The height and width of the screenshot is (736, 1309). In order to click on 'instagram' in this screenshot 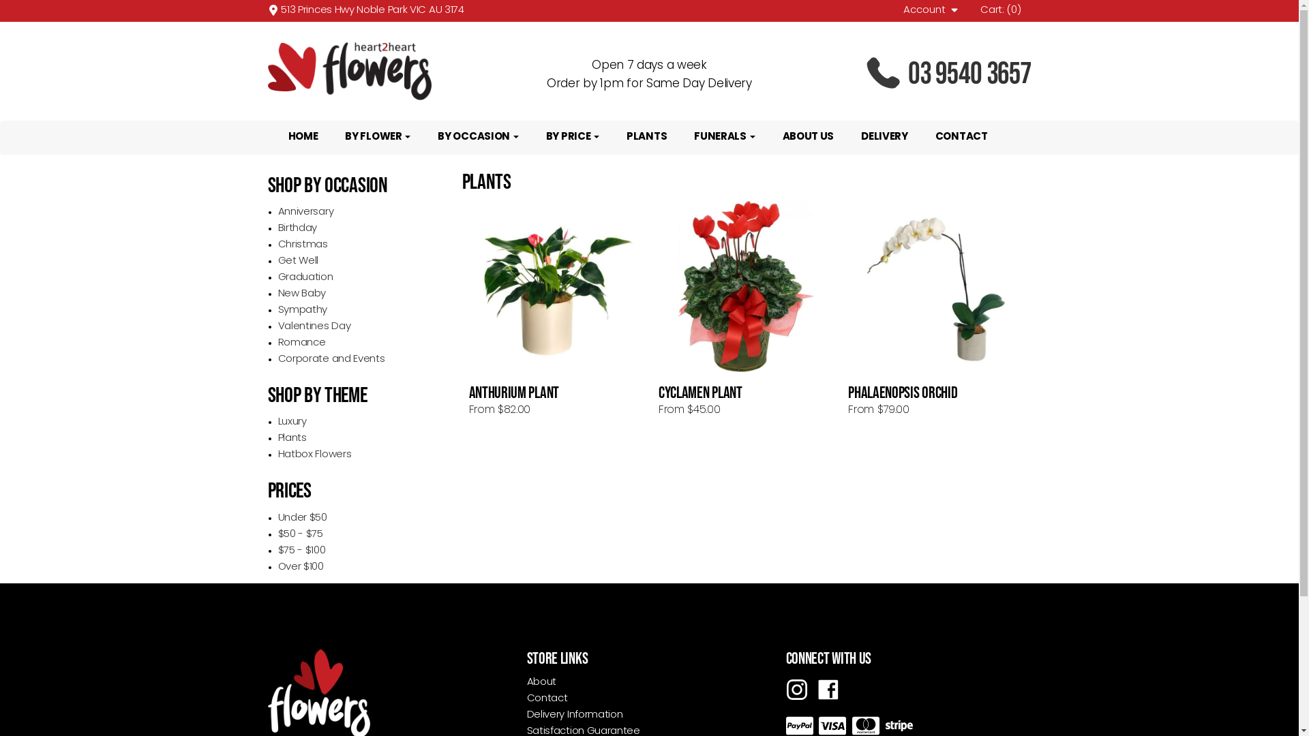, I will do `click(796, 690)`.